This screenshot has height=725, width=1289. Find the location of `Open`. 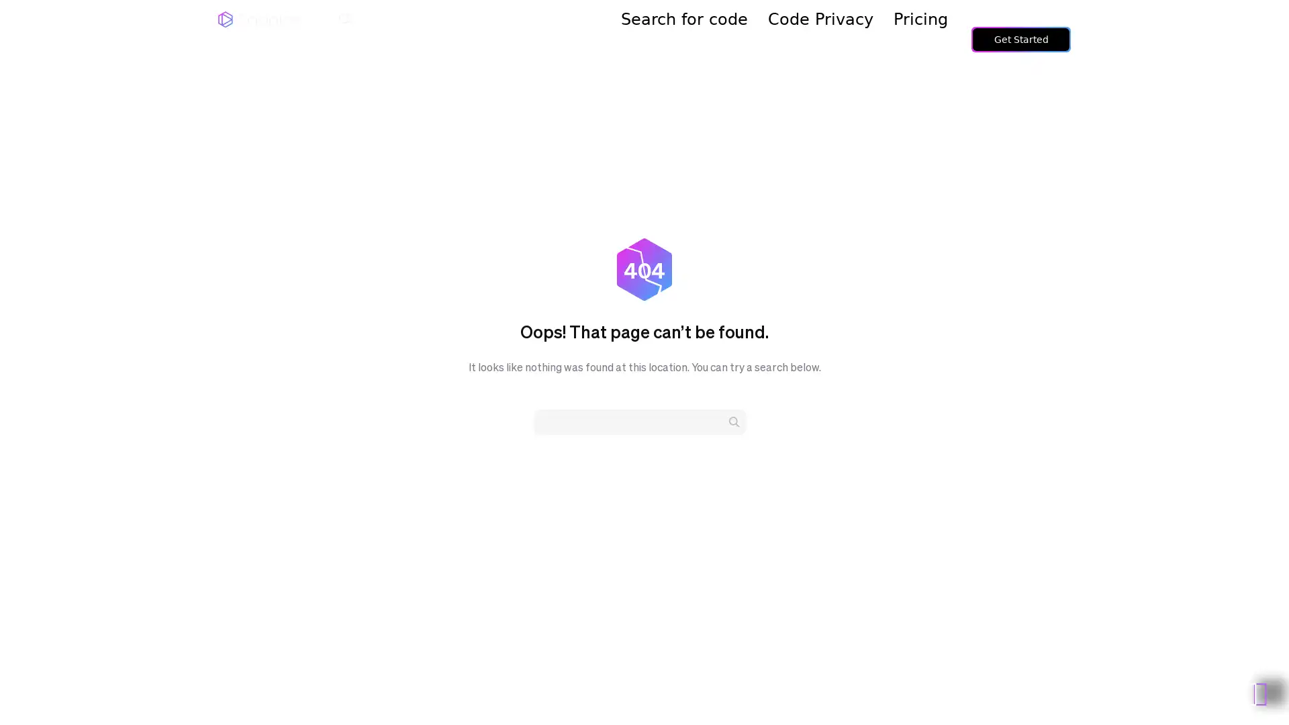

Open is located at coordinates (1249, 689).